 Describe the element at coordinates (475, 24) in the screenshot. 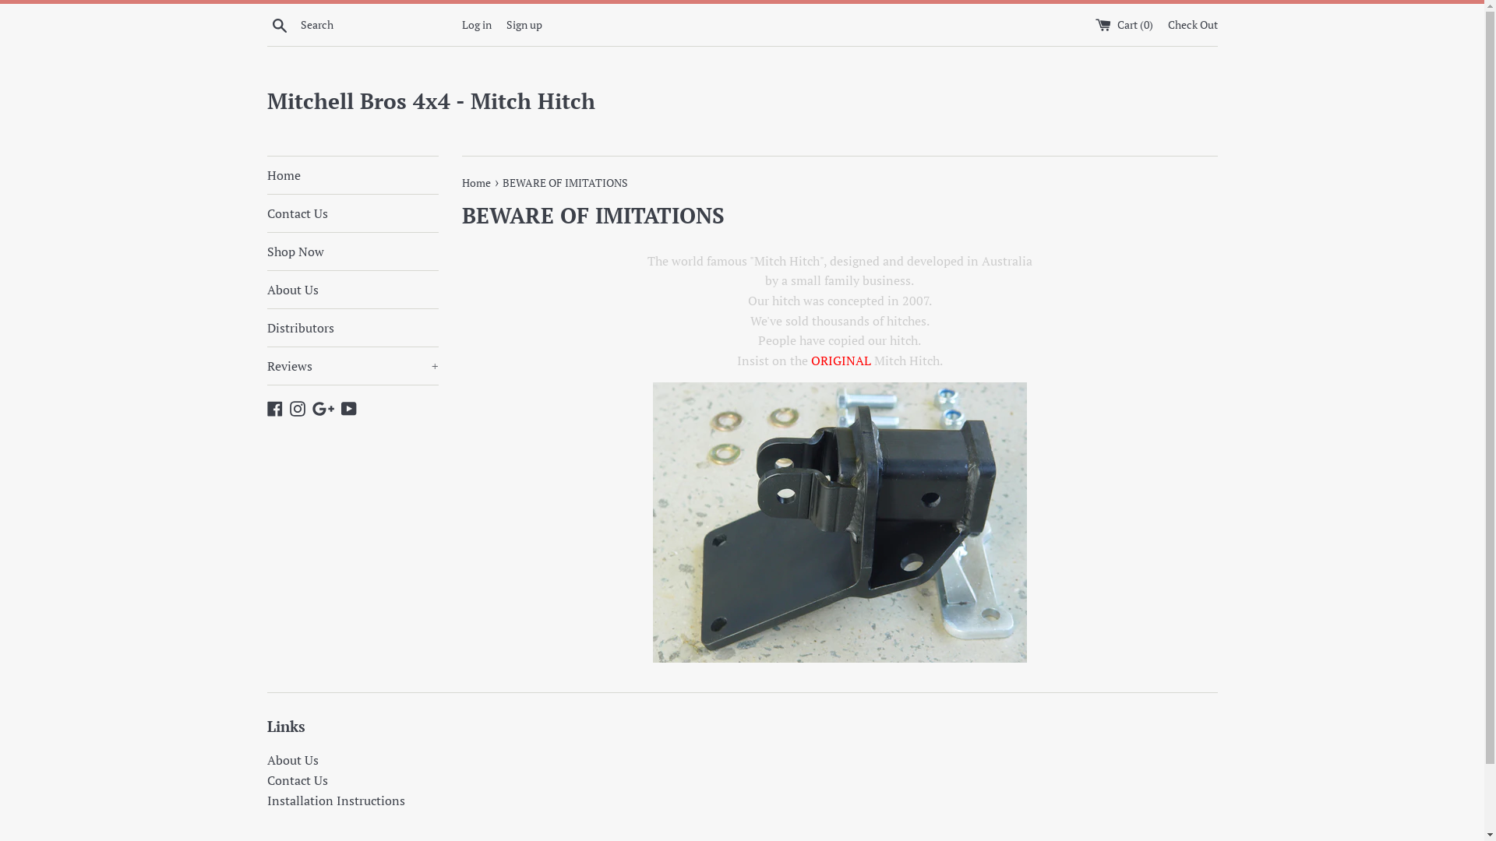

I see `'Log in'` at that location.